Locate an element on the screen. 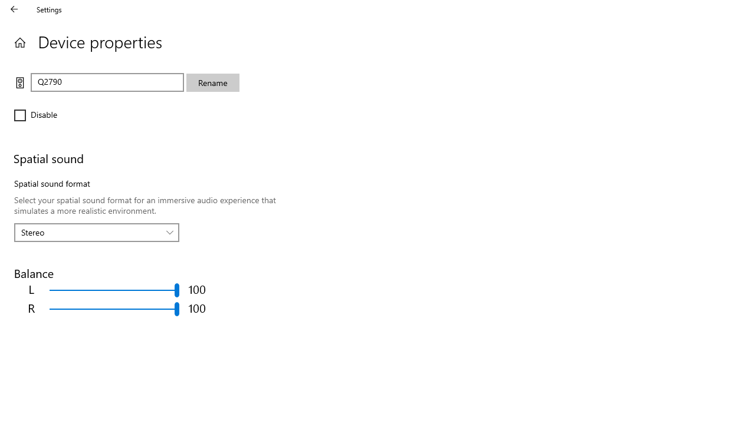 The height and width of the screenshot is (424, 755). 'Adjust left audio balance' is located at coordinates (114, 290).